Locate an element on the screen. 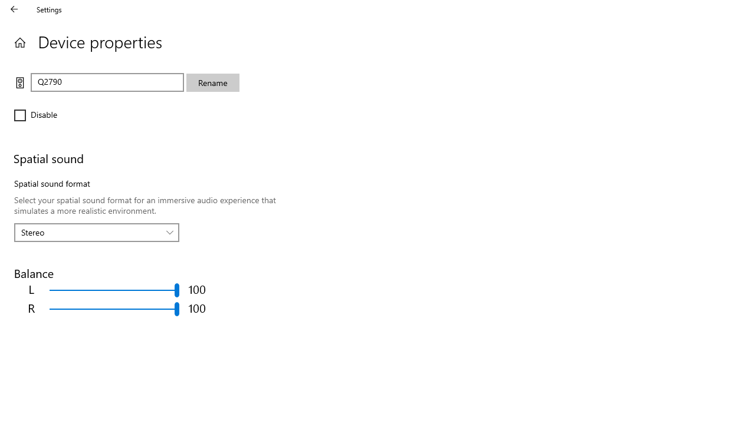 The height and width of the screenshot is (424, 755). 'Adjust left audio balance' is located at coordinates (114, 290).